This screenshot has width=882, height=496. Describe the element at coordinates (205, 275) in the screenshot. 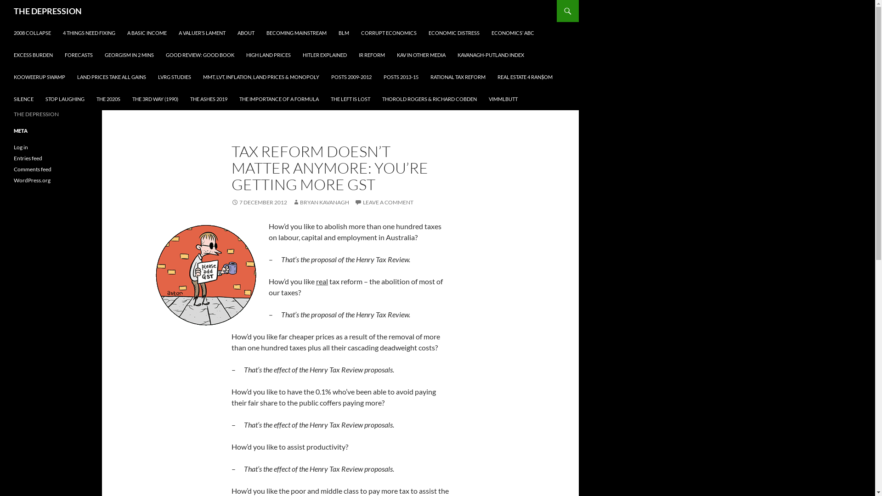

I see `'gst'` at that location.